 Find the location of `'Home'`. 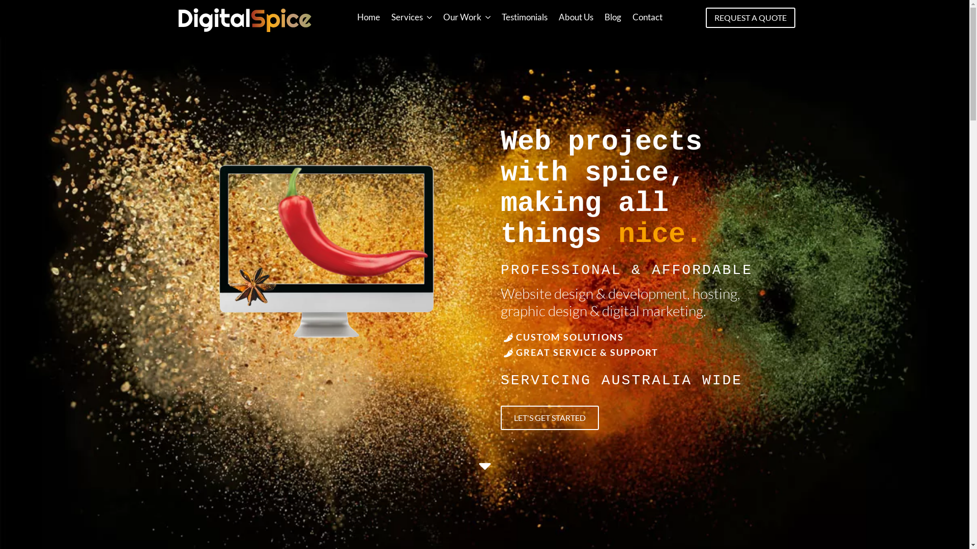

'Home' is located at coordinates (368, 17).